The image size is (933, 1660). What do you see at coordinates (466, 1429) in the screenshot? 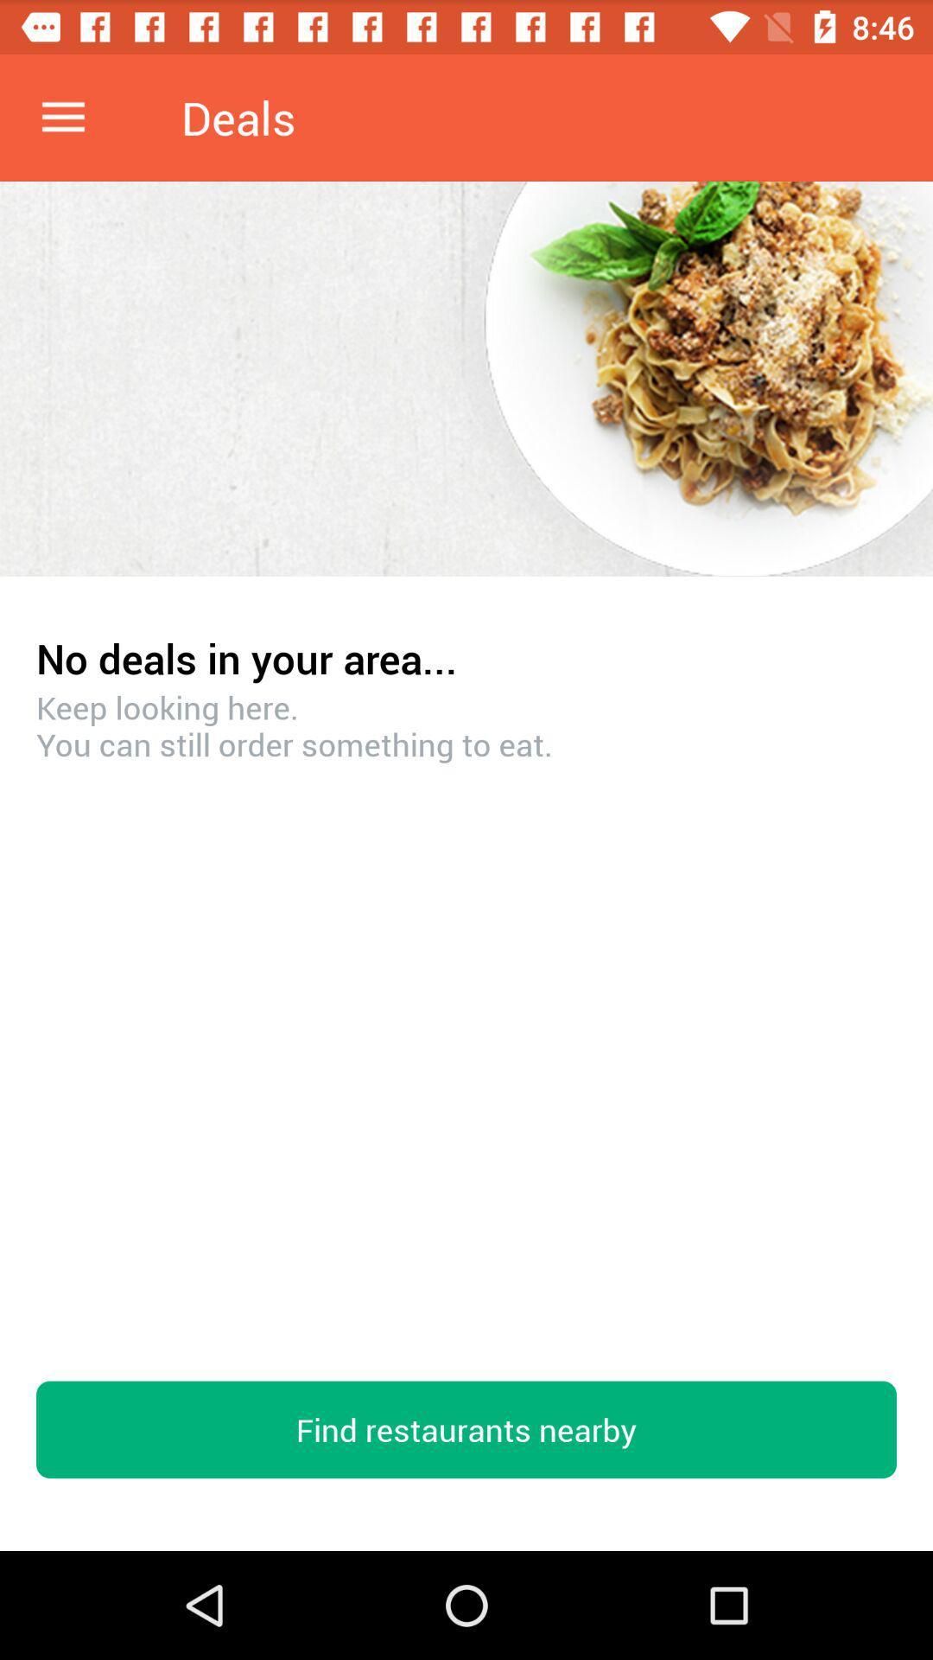
I see `the find restaurants nearby item` at bounding box center [466, 1429].